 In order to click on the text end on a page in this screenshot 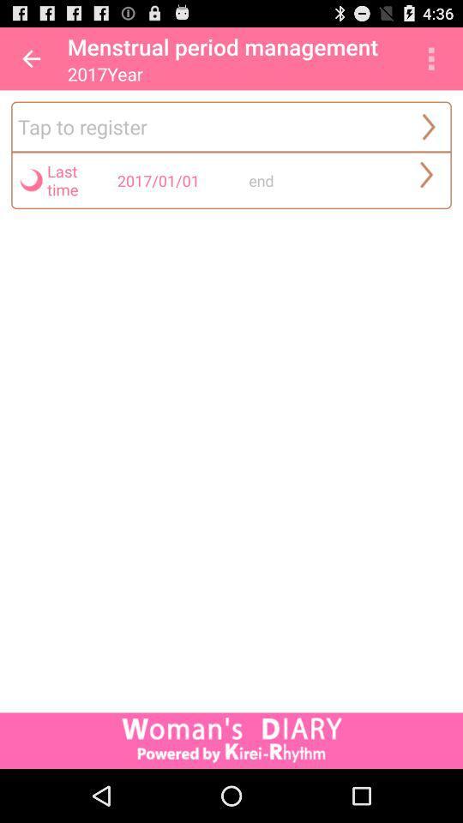, I will do `click(310, 180)`.